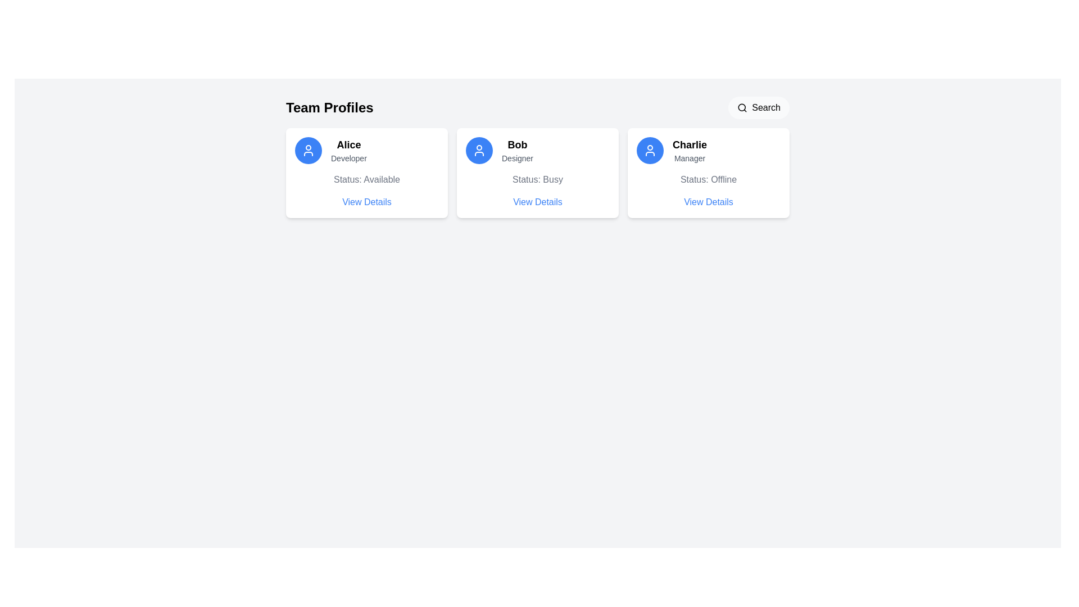  Describe the element at coordinates (366, 179) in the screenshot. I see `the label displaying 'Status: Available' which is styled in gray font and positioned between 'Alice, Developer' and 'View Details'` at that location.